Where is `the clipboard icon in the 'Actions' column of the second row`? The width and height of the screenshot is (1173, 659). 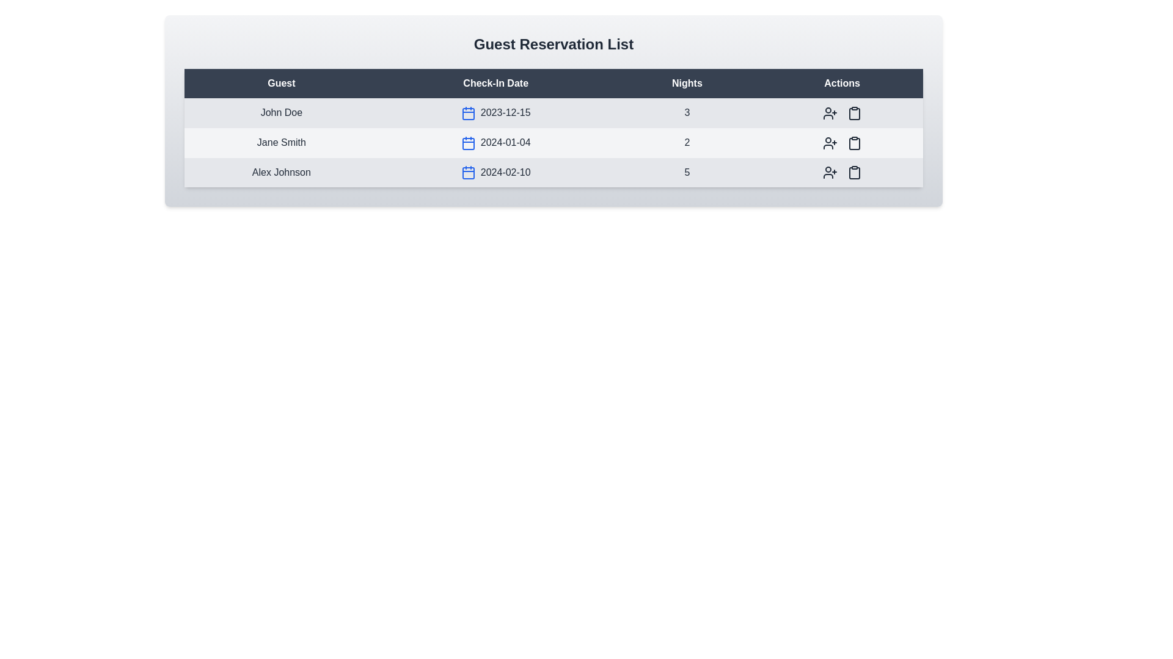
the clipboard icon in the 'Actions' column of the second row is located at coordinates (853, 142).